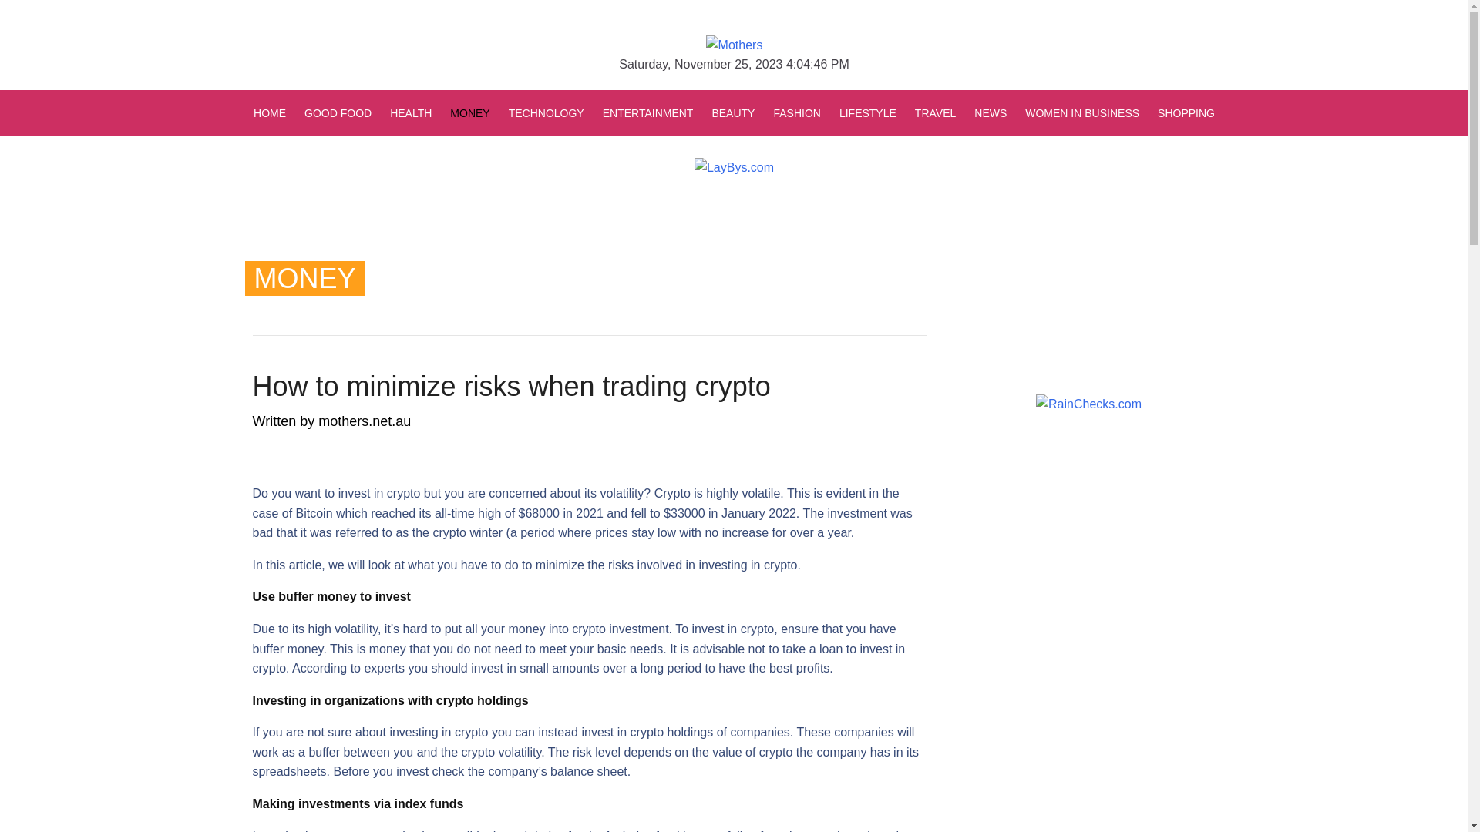  I want to click on 'NEWS', so click(964, 112).